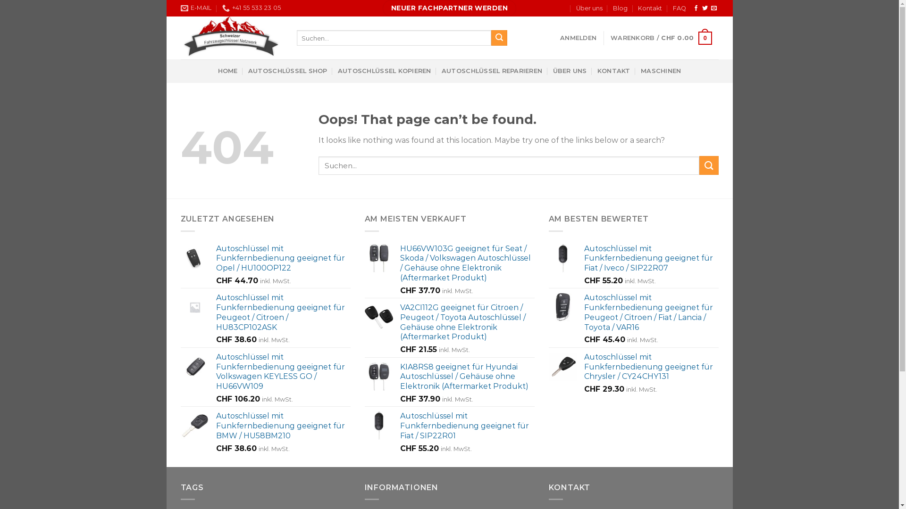 The width and height of the screenshot is (906, 509). I want to click on 'MASCHINEN', so click(660, 70).